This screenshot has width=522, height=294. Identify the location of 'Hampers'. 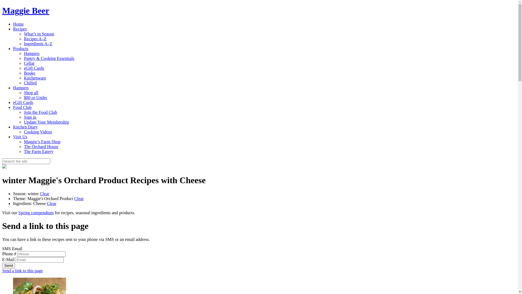
(21, 87).